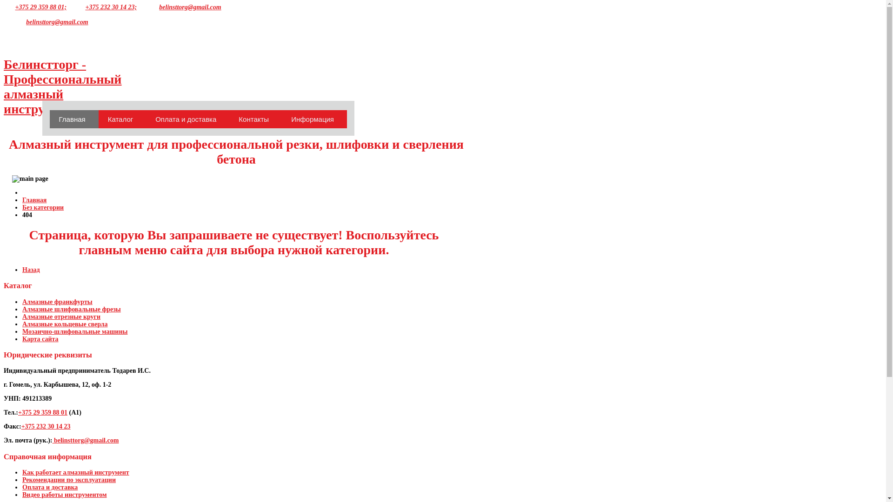 This screenshot has height=502, width=893. I want to click on 'belinsttorg@gmail.com', so click(85, 440).